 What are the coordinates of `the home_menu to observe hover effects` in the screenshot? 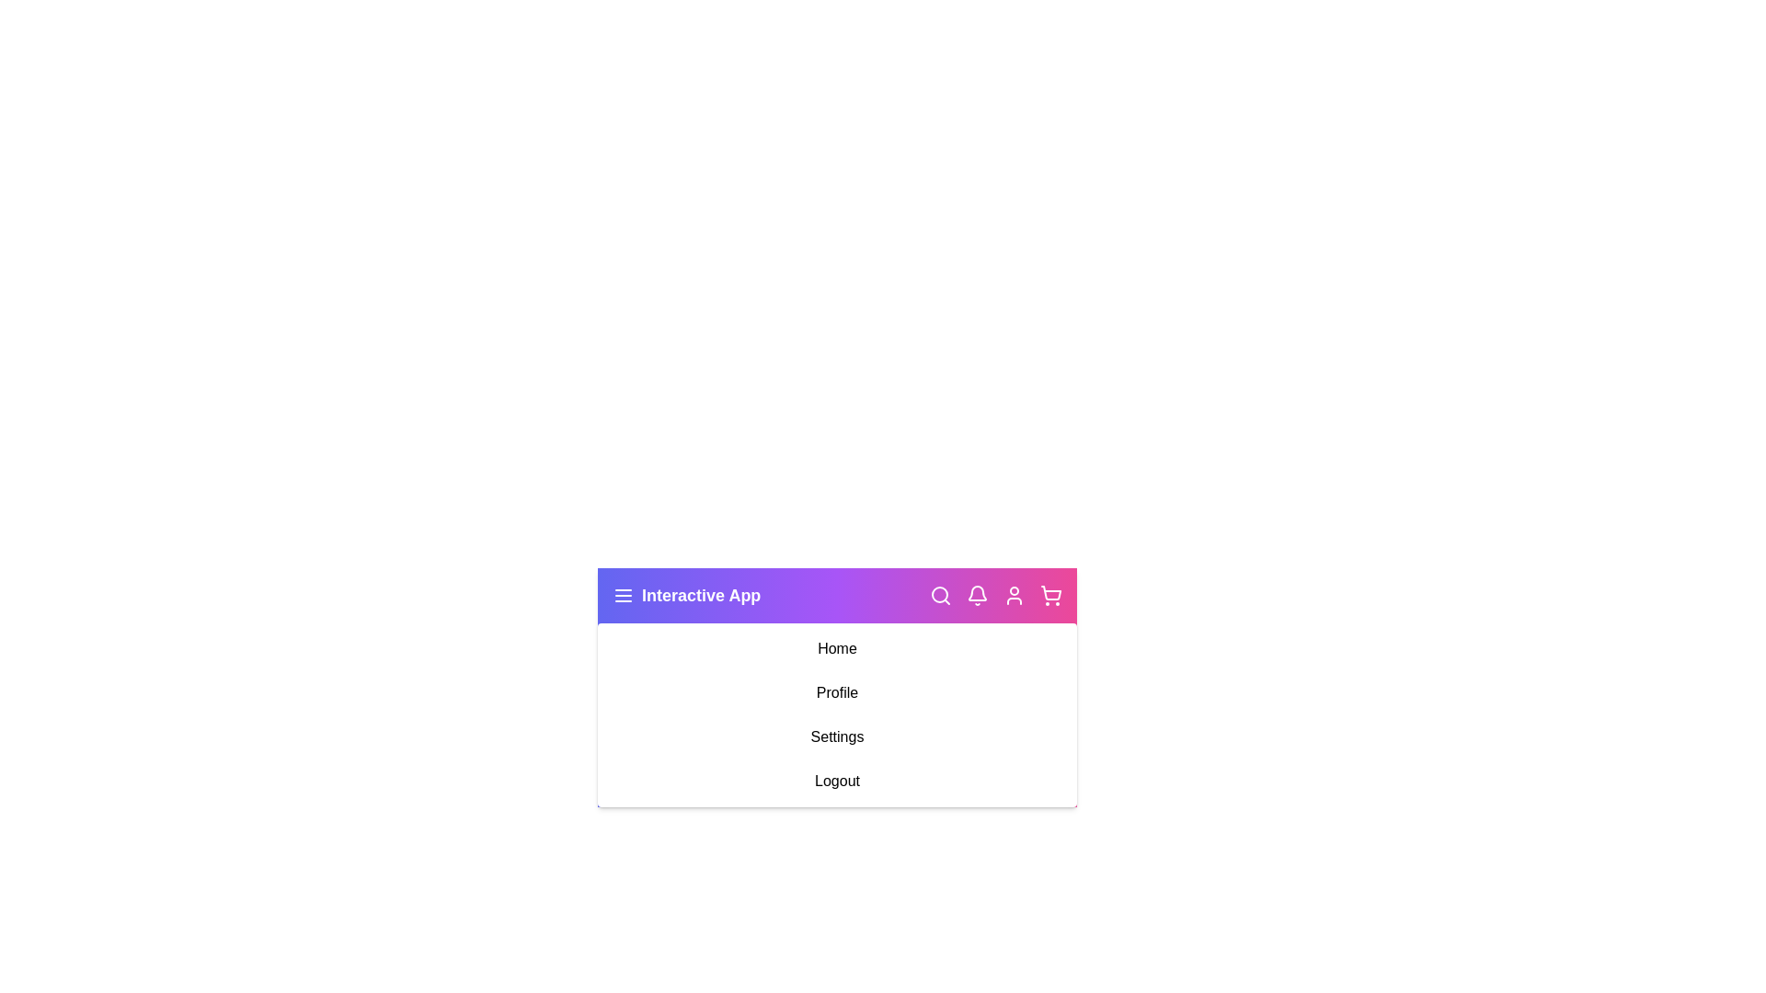 It's located at (836, 647).